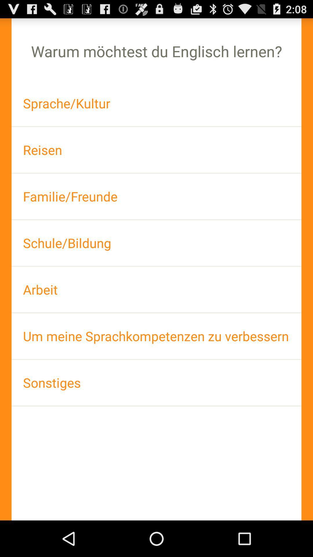 This screenshot has height=557, width=313. What do you see at coordinates (156, 196) in the screenshot?
I see `the icon above schule/bildung item` at bounding box center [156, 196].